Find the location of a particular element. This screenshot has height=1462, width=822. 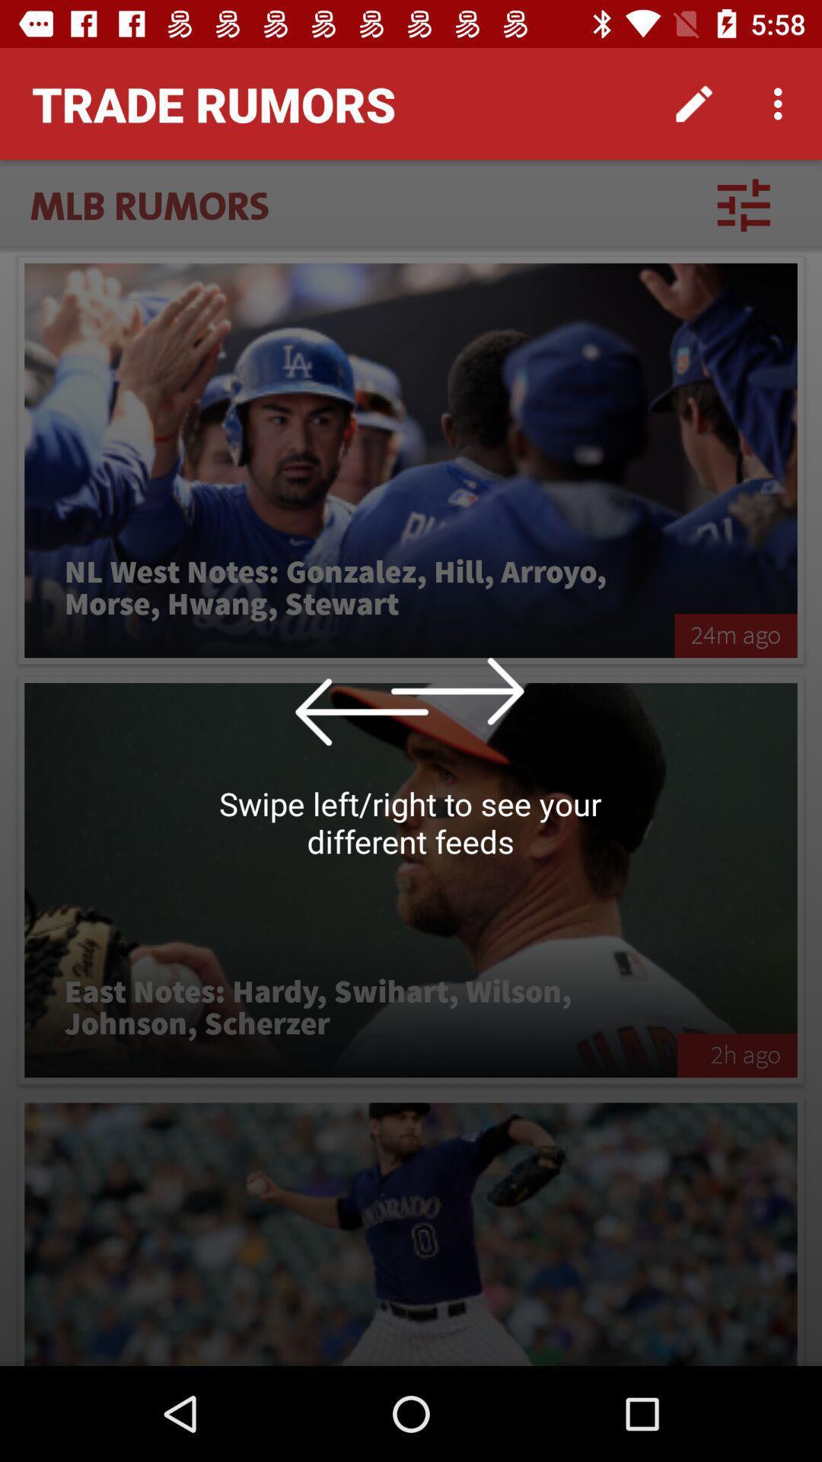

the icon to the right of the trade rumors item is located at coordinates (693, 103).